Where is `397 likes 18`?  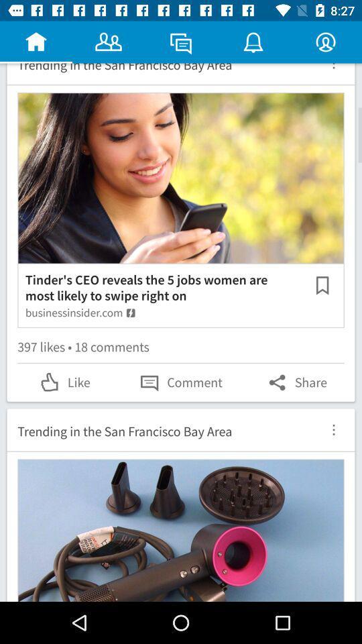
397 likes 18 is located at coordinates (181, 348).